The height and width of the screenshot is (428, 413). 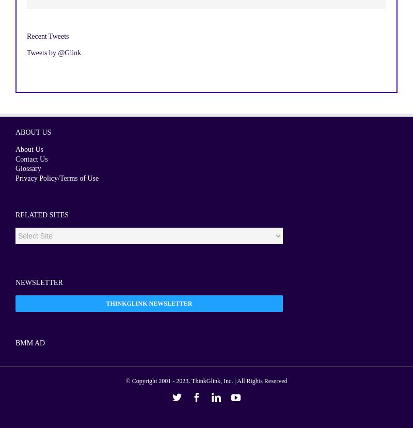 What do you see at coordinates (151, 380) in the screenshot?
I see `'© Copyright 2001 -'` at bounding box center [151, 380].